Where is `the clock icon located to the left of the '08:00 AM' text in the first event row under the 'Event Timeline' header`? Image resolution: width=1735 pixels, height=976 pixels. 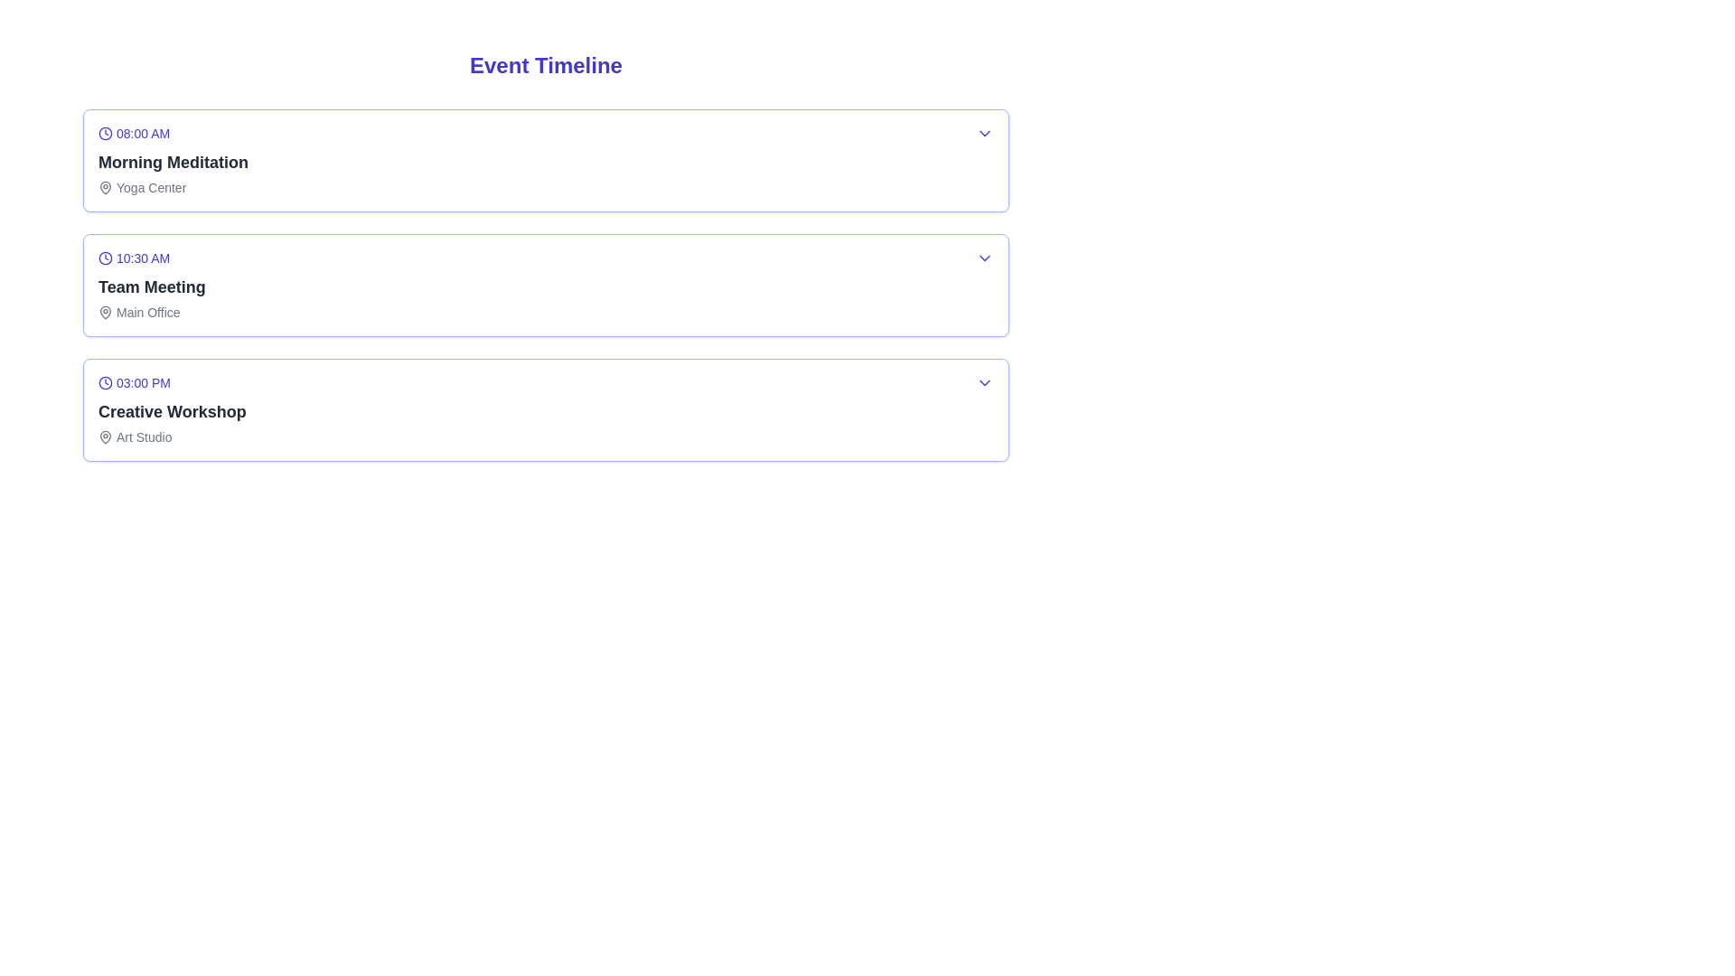 the clock icon located to the left of the '08:00 AM' text in the first event row under the 'Event Timeline' header is located at coordinates (104, 132).